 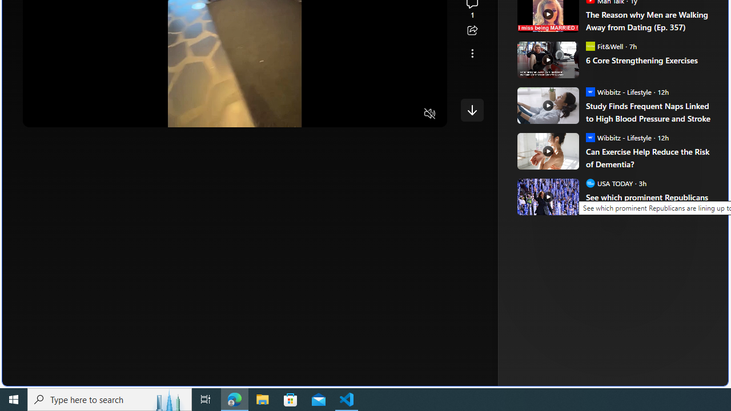 What do you see at coordinates (604, 45) in the screenshot?
I see `'Fit&Well Fit&Well'` at bounding box center [604, 45].